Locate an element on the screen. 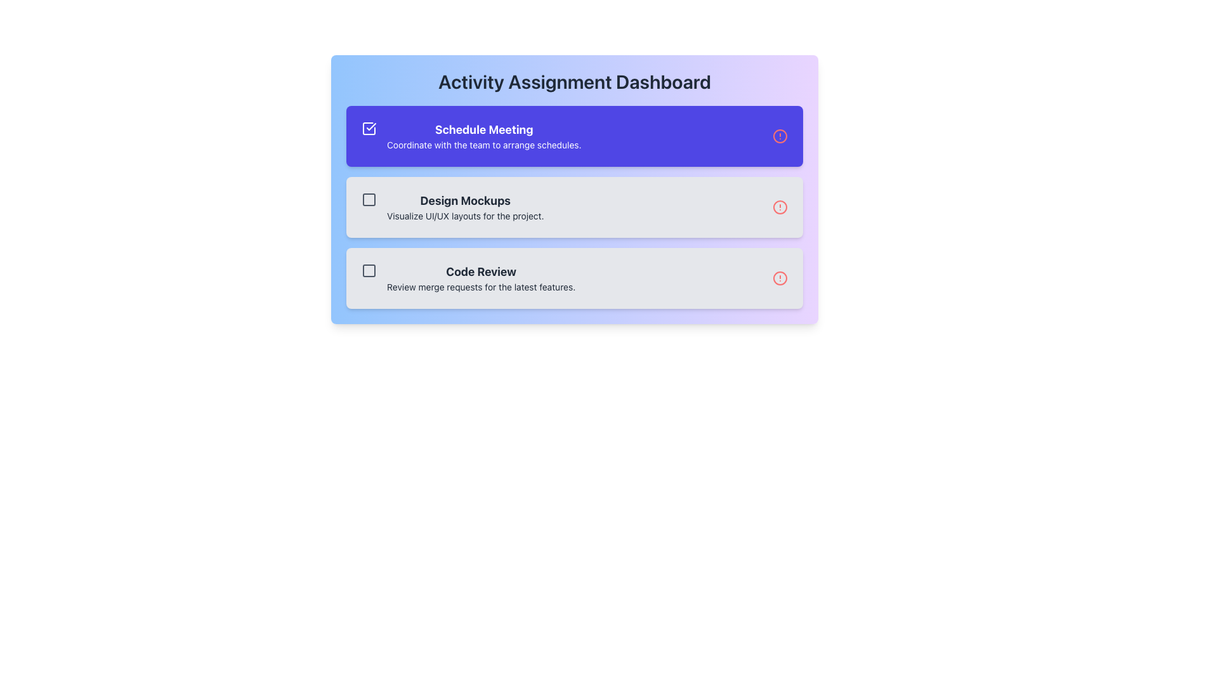 The image size is (1218, 685). static text that says 'Review merge requests for the latest features.' positioned below the 'Code Review' title in the dashboard interface is located at coordinates (480, 287).